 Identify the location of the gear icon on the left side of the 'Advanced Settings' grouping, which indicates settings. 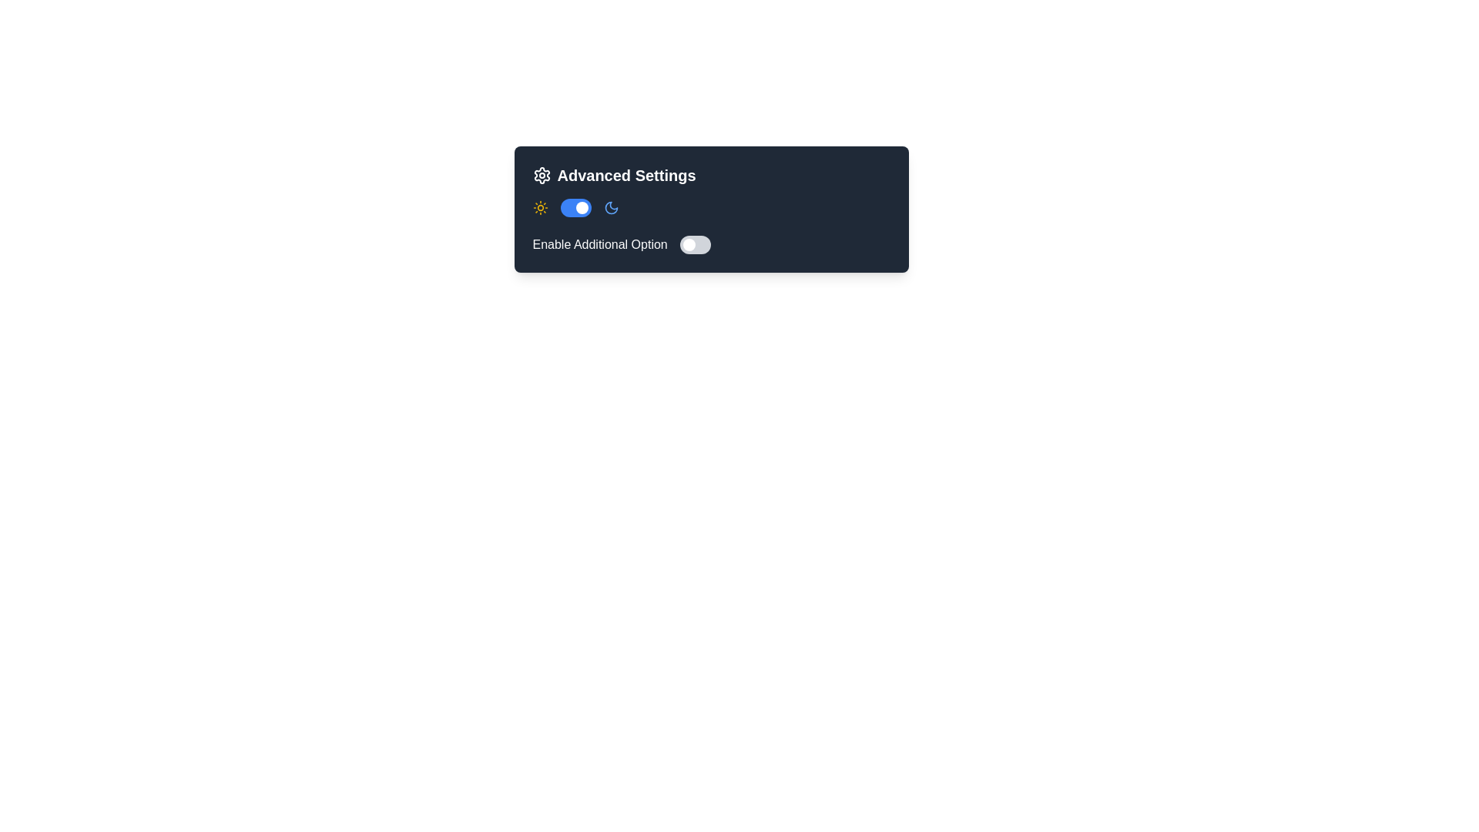
(542, 174).